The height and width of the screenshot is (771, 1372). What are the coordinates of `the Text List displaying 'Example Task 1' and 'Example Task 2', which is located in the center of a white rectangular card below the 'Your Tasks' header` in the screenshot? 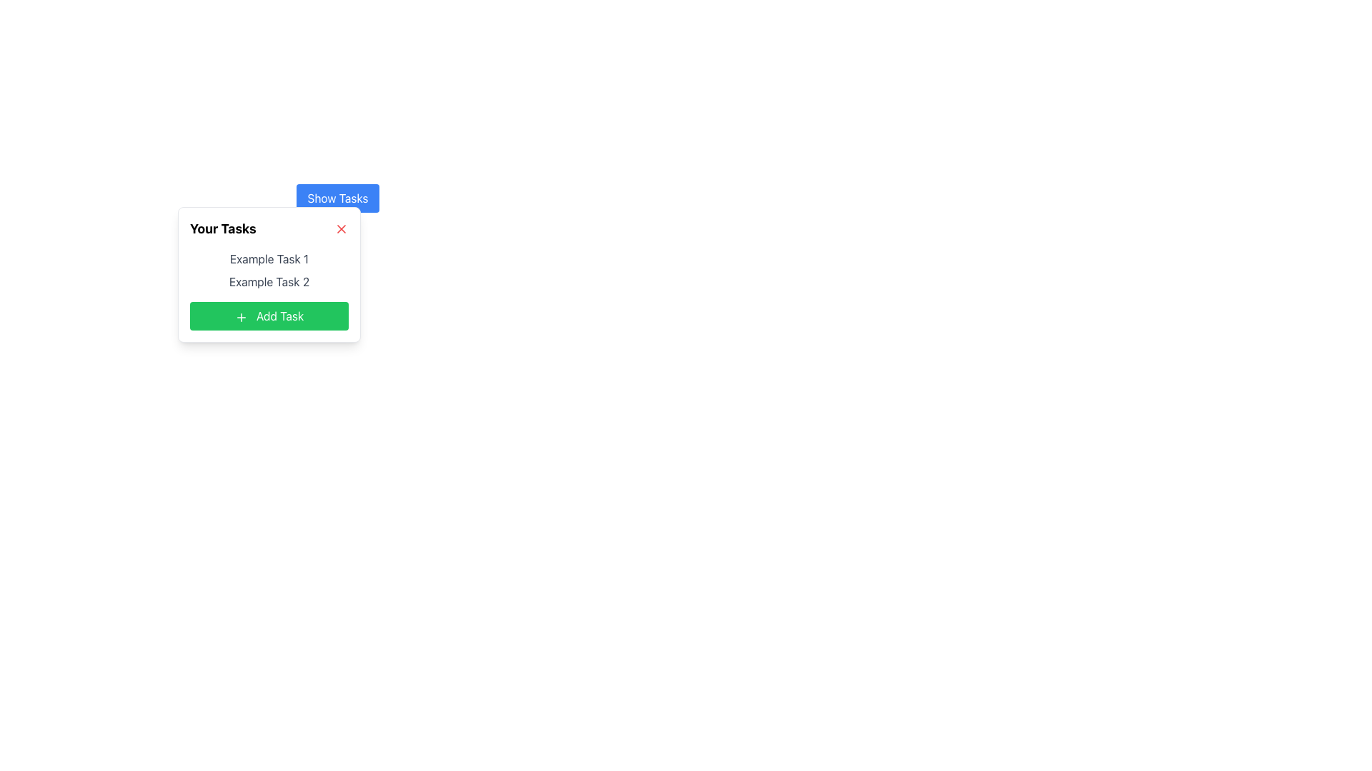 It's located at (269, 270).